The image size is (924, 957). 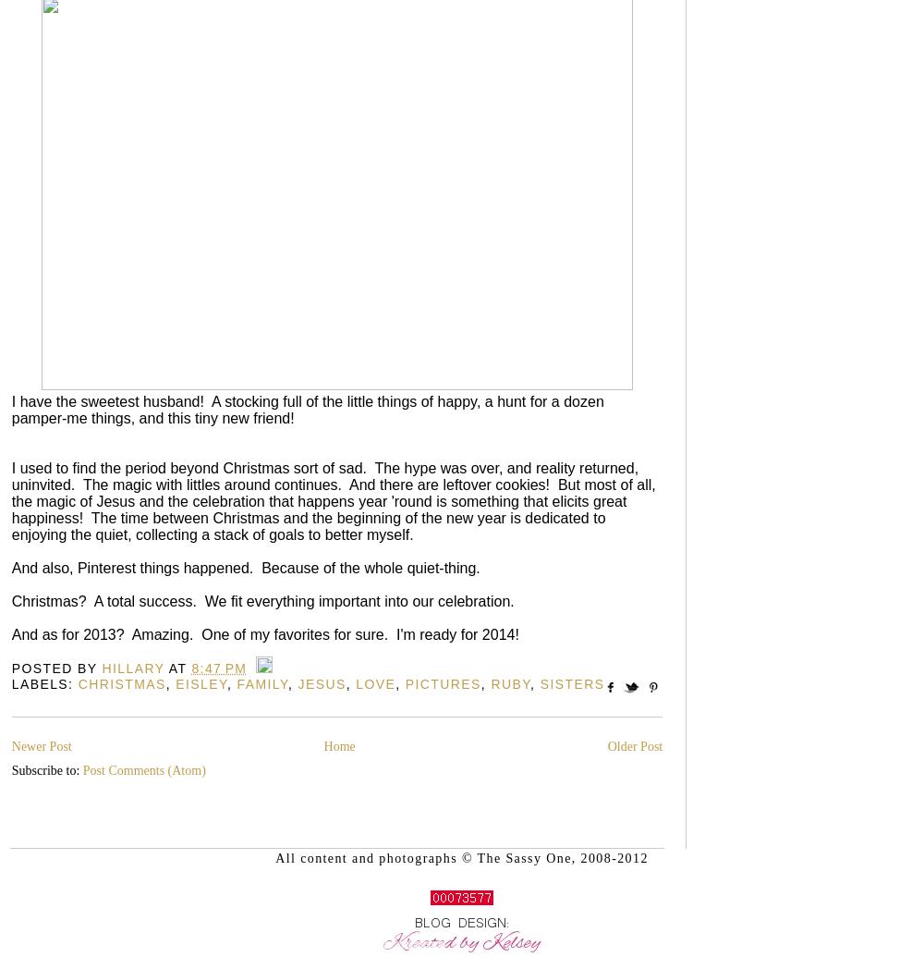 I want to click on 'Labels:', so click(x=44, y=683).